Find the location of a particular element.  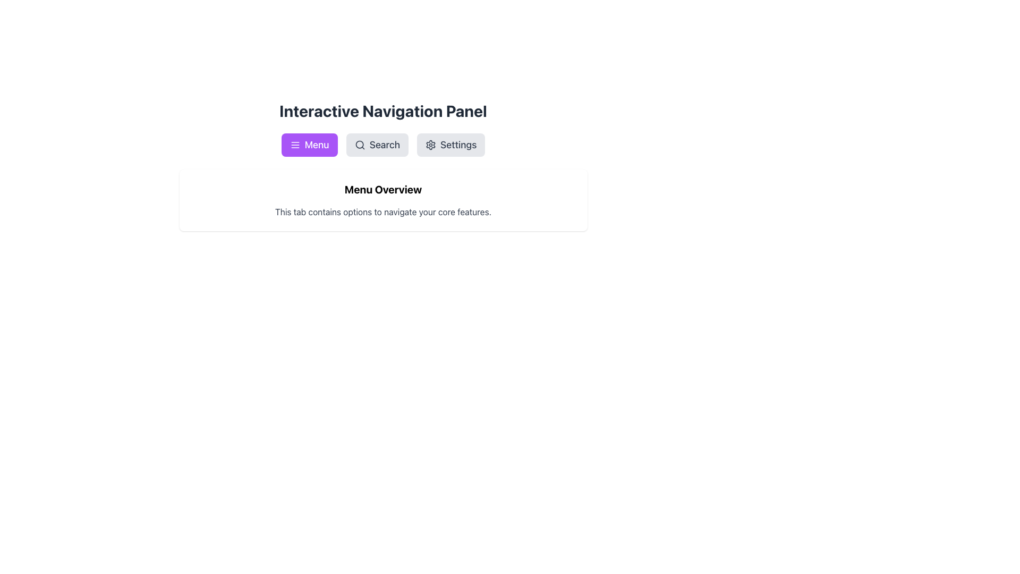

the third navigation button is located at coordinates (451, 145).